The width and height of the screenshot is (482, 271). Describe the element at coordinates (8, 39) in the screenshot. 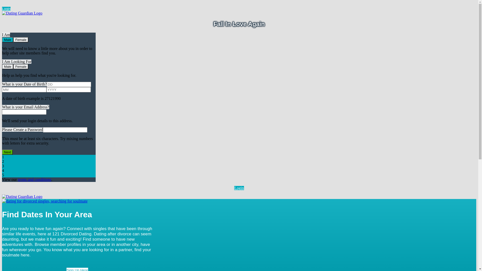

I see `'Male'` at that location.